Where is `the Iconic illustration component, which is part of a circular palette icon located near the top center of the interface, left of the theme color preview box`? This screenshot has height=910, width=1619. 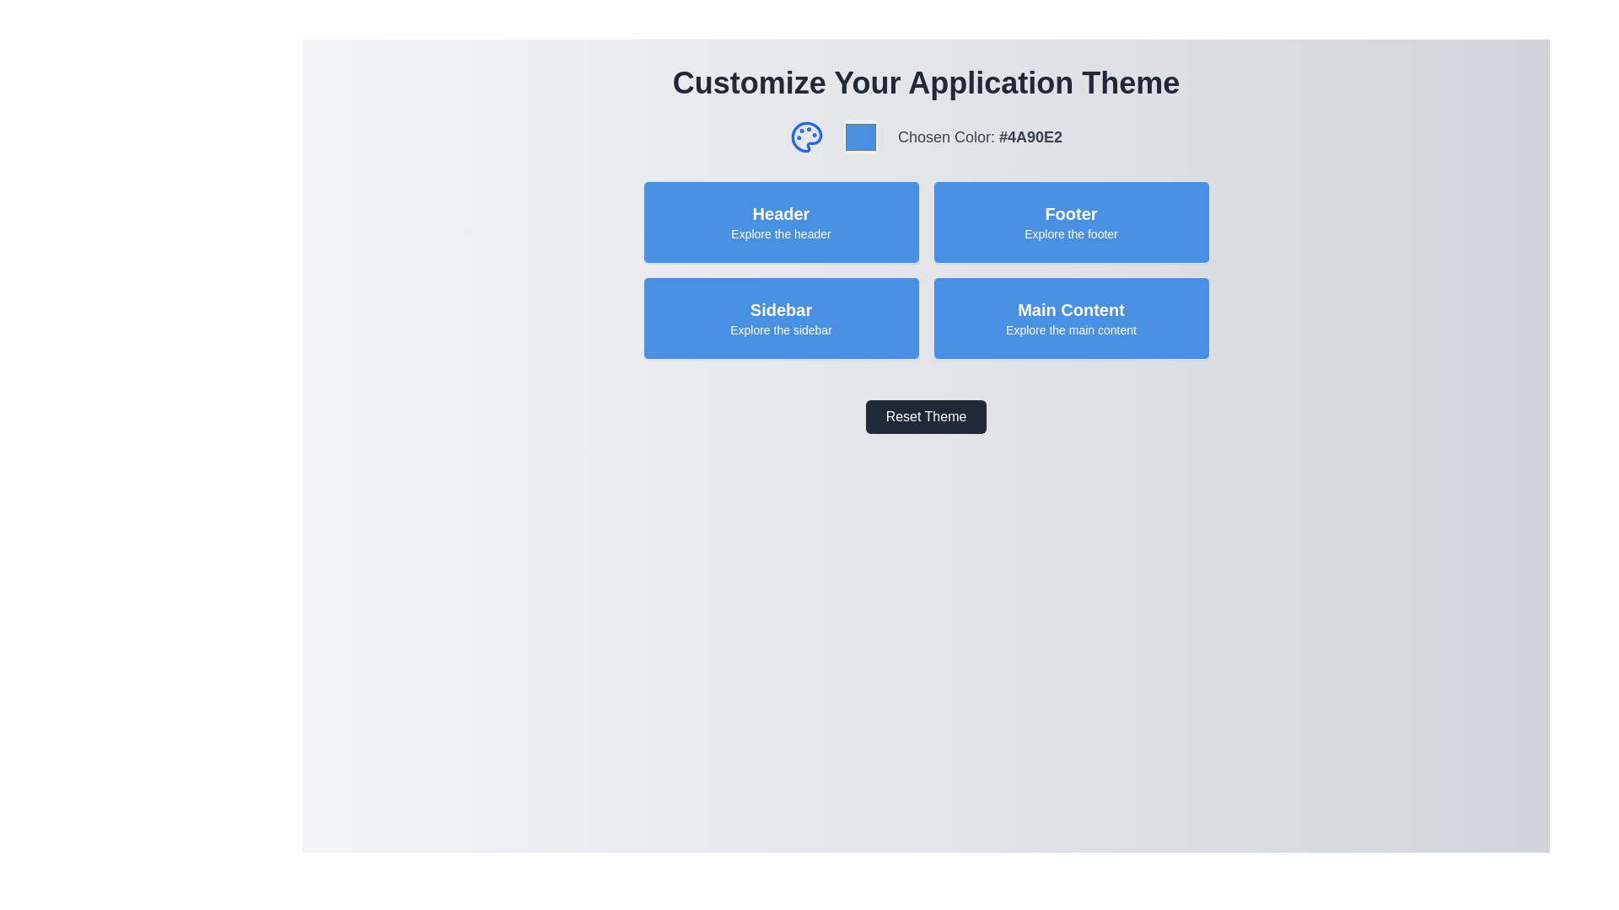 the Iconic illustration component, which is part of a circular palette icon located near the top center of the interface, left of the theme color preview box is located at coordinates (805, 136).